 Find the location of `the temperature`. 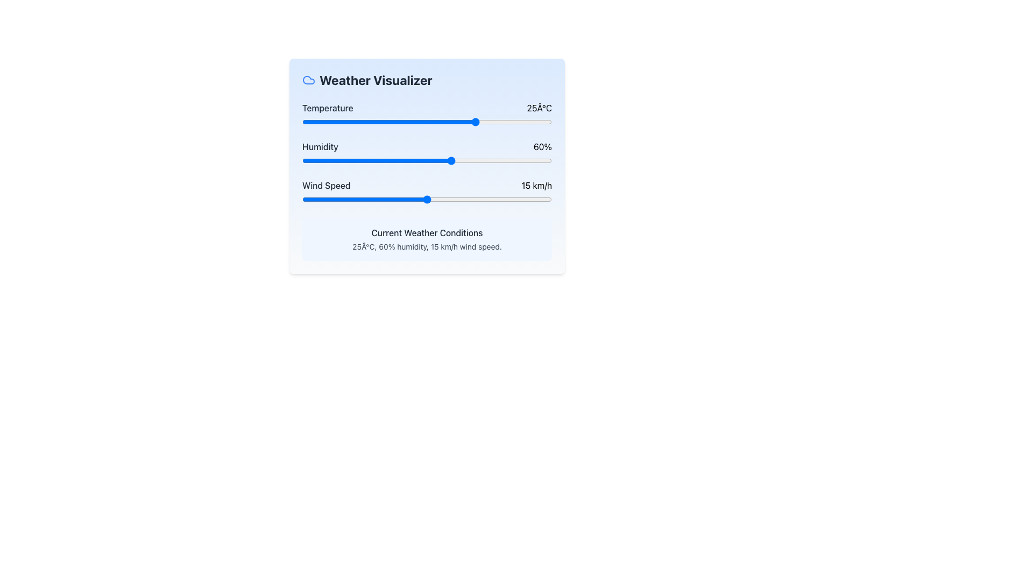

the temperature is located at coordinates (482, 122).